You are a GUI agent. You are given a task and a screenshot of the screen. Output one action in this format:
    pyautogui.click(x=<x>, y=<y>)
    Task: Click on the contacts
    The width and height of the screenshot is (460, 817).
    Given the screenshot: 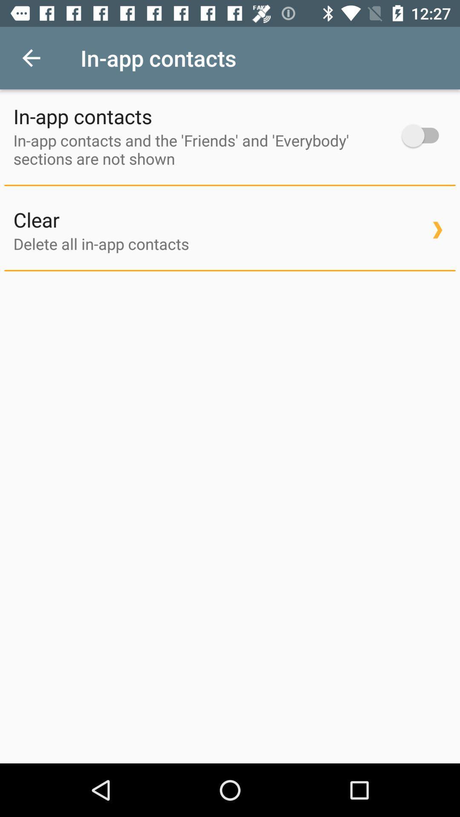 What is the action you would take?
    pyautogui.click(x=424, y=135)
    